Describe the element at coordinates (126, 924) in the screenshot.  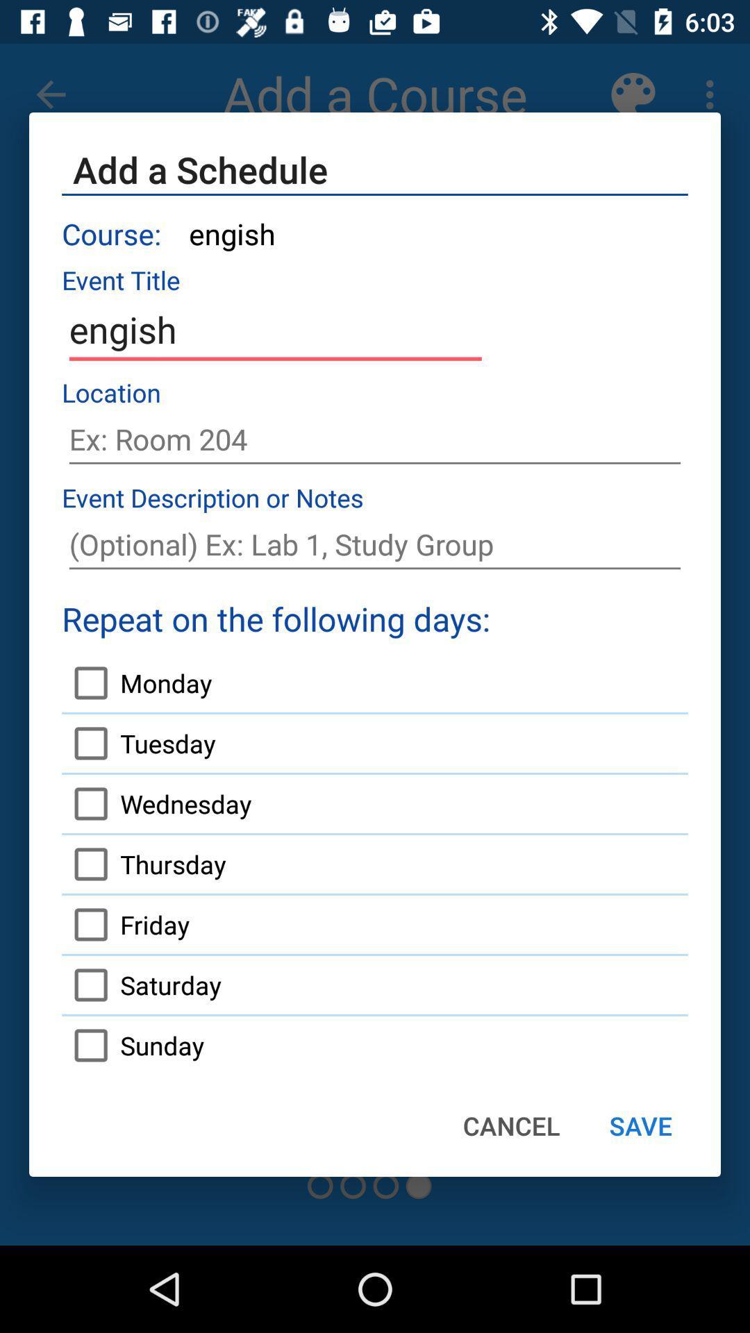
I see `friday item` at that location.